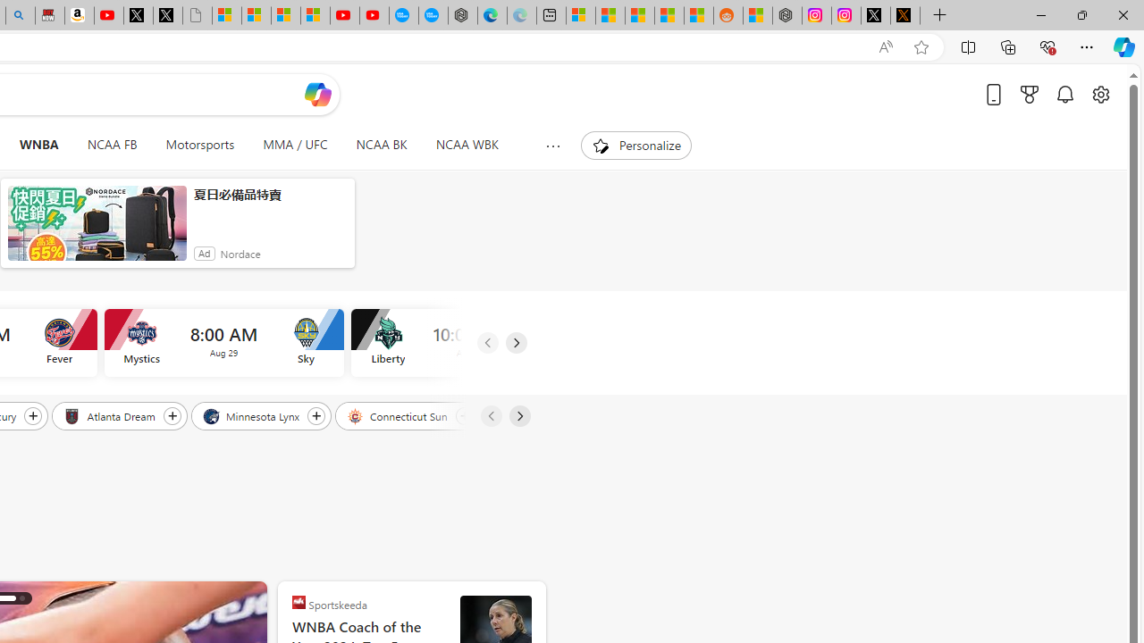 The image size is (1144, 643). What do you see at coordinates (299, 602) in the screenshot?
I see `'Sportskeeda'` at bounding box center [299, 602].